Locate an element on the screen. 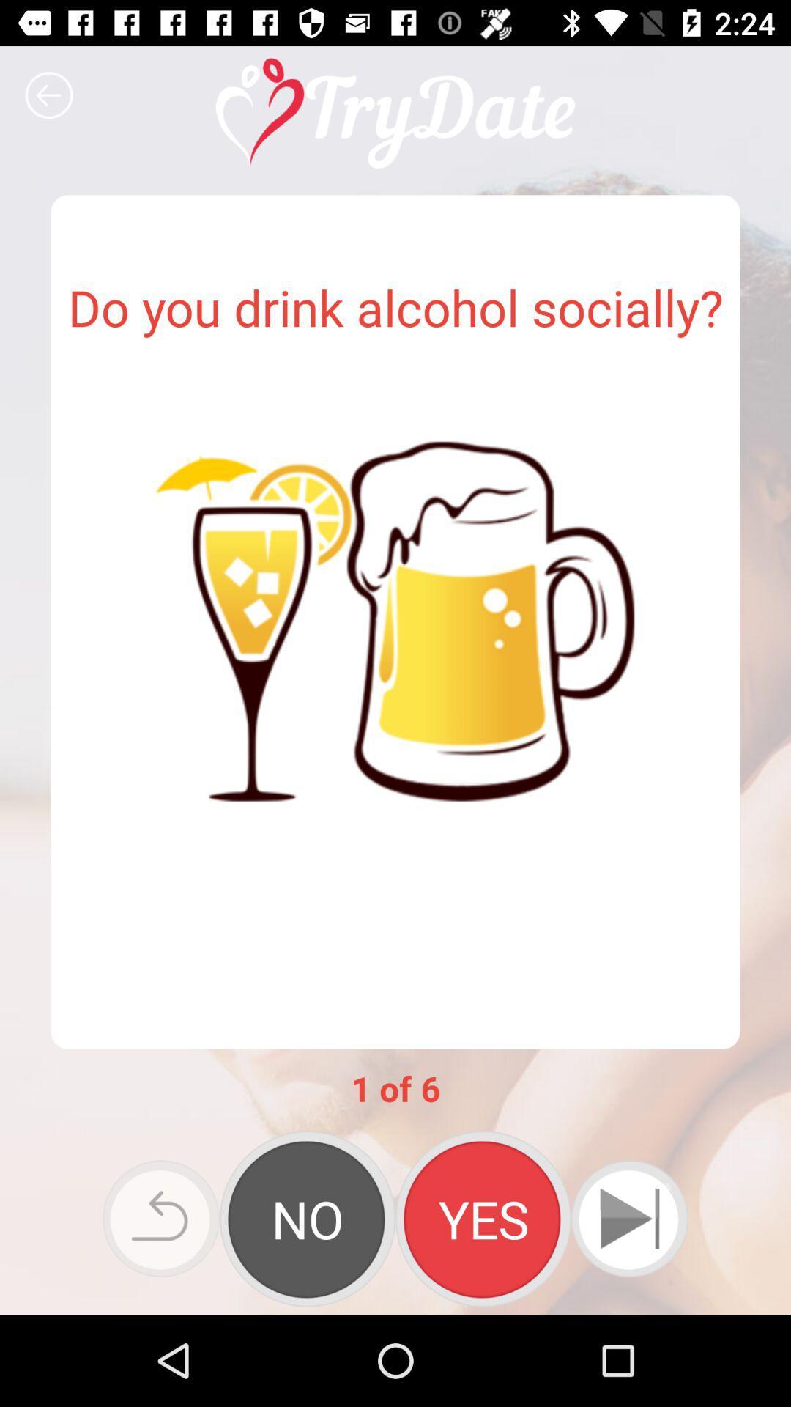  go back is located at coordinates (161, 1219).